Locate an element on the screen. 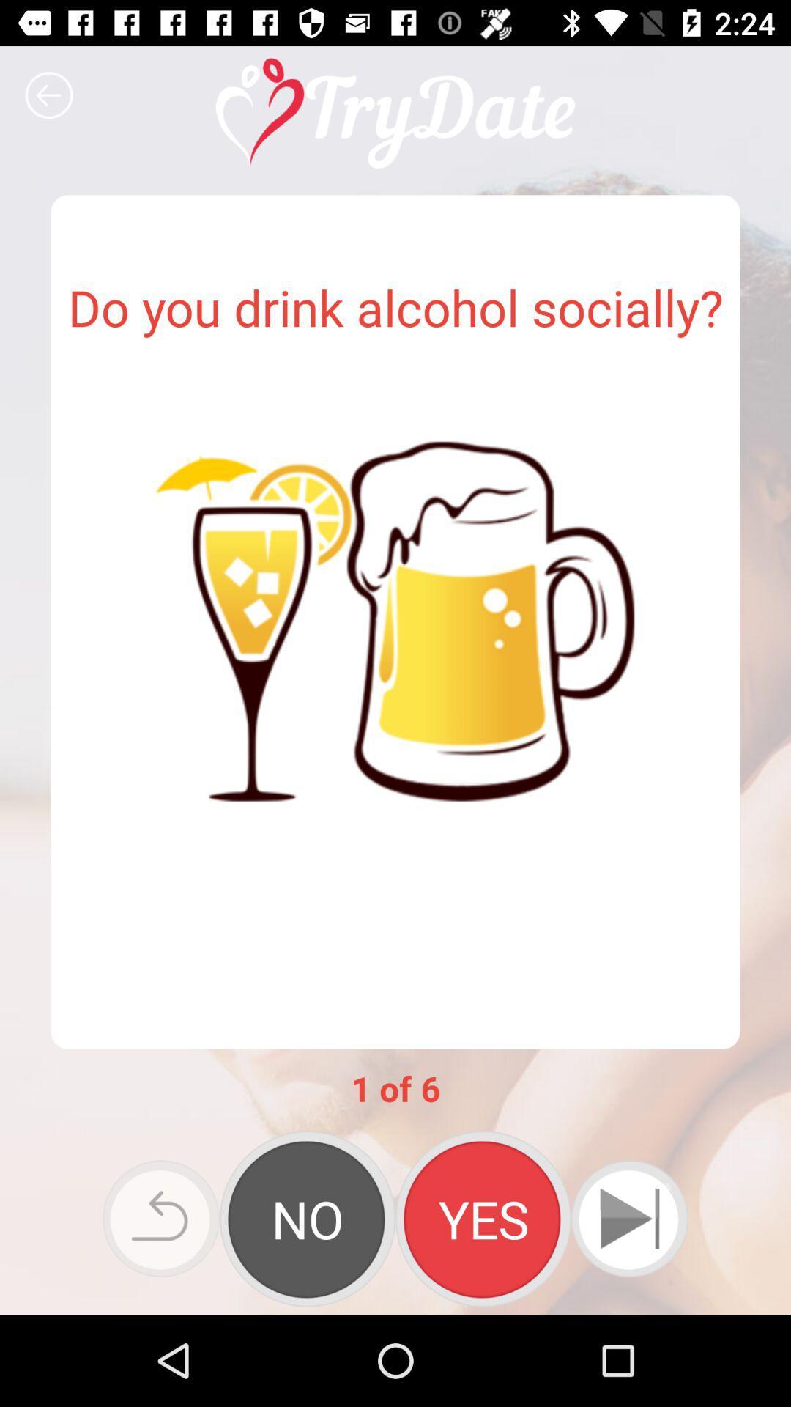  go back is located at coordinates (161, 1219).